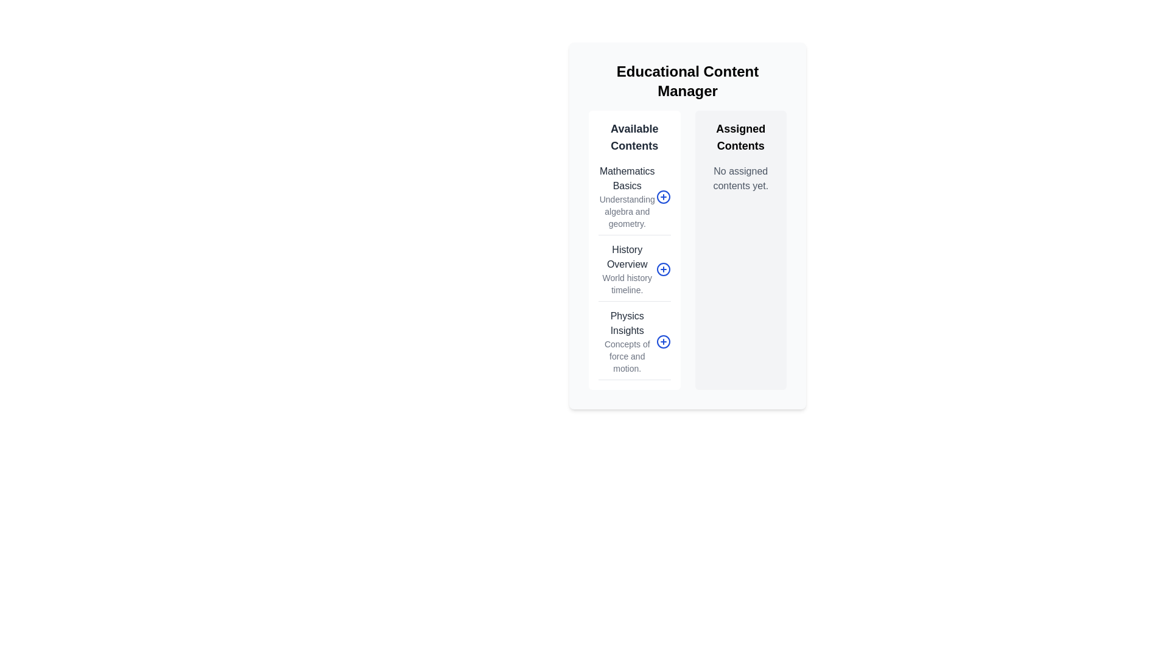 The image size is (1169, 657). Describe the element at coordinates (627, 196) in the screenshot. I see `the text block labeled 'Mathematics Basics' which describes 'Understanding algebra and geometry.' in the 'Available Contents' section of the 'Educational Content Manager.'` at that location.